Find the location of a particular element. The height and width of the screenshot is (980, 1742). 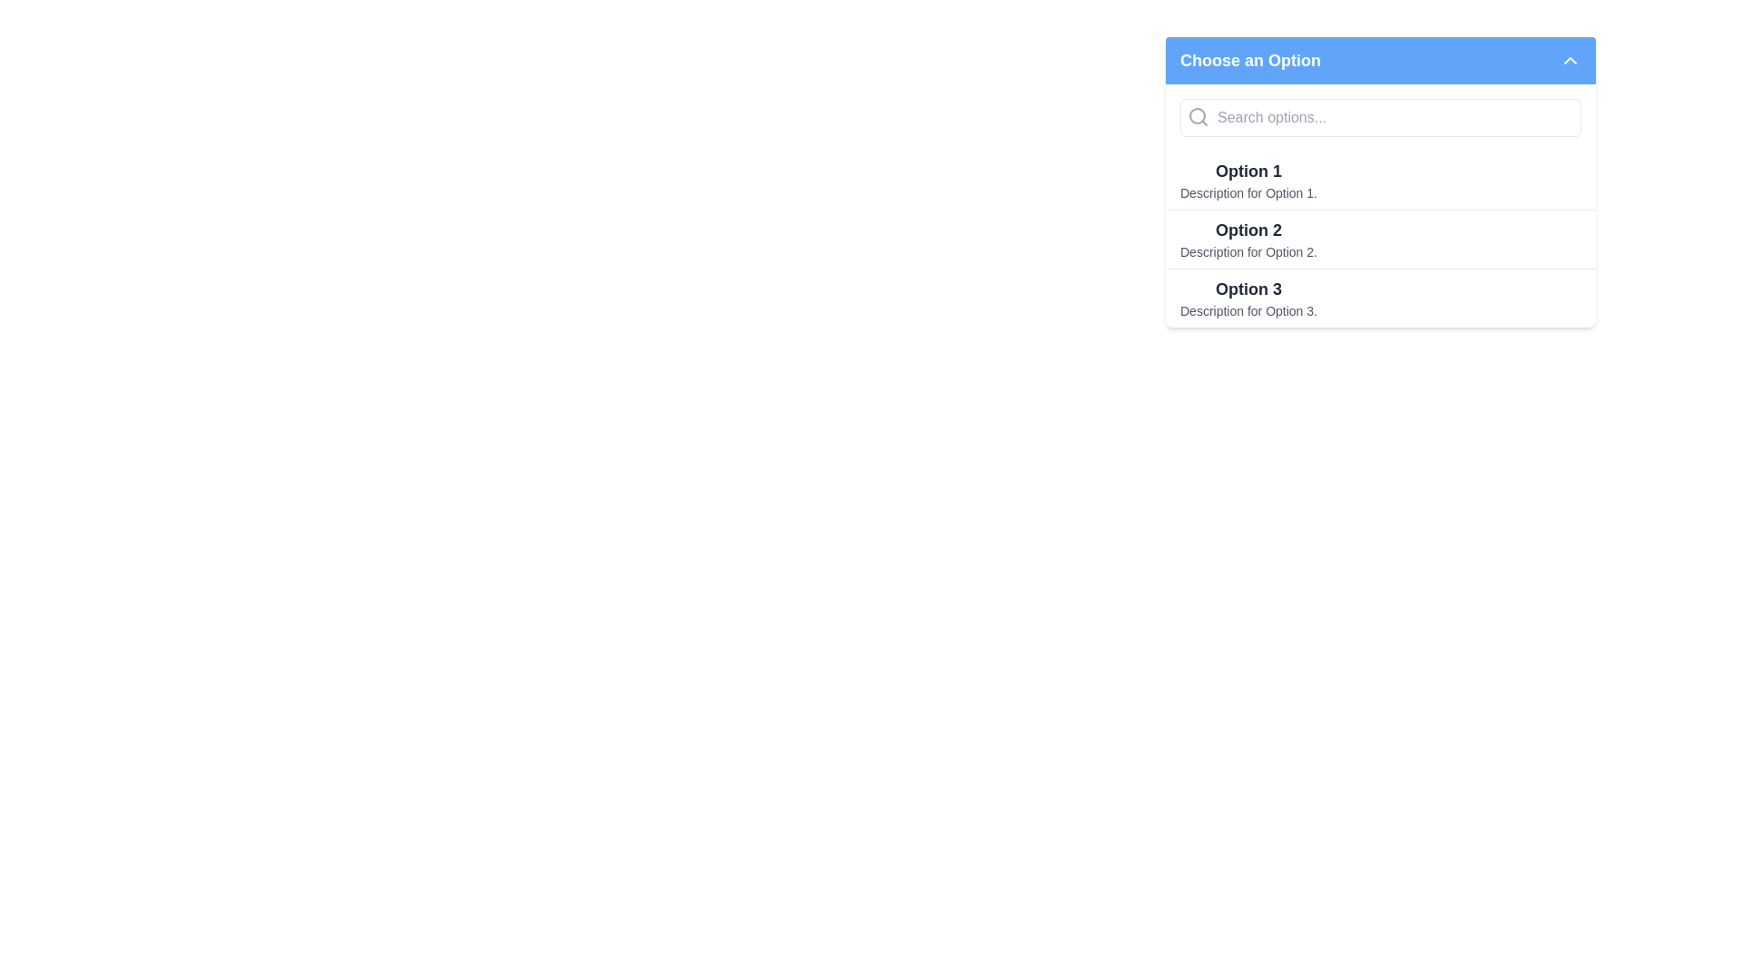

the text label displaying 'Option 1' in a large, bold font at the top of the first item in the dropdown menu is located at coordinates (1248, 171).